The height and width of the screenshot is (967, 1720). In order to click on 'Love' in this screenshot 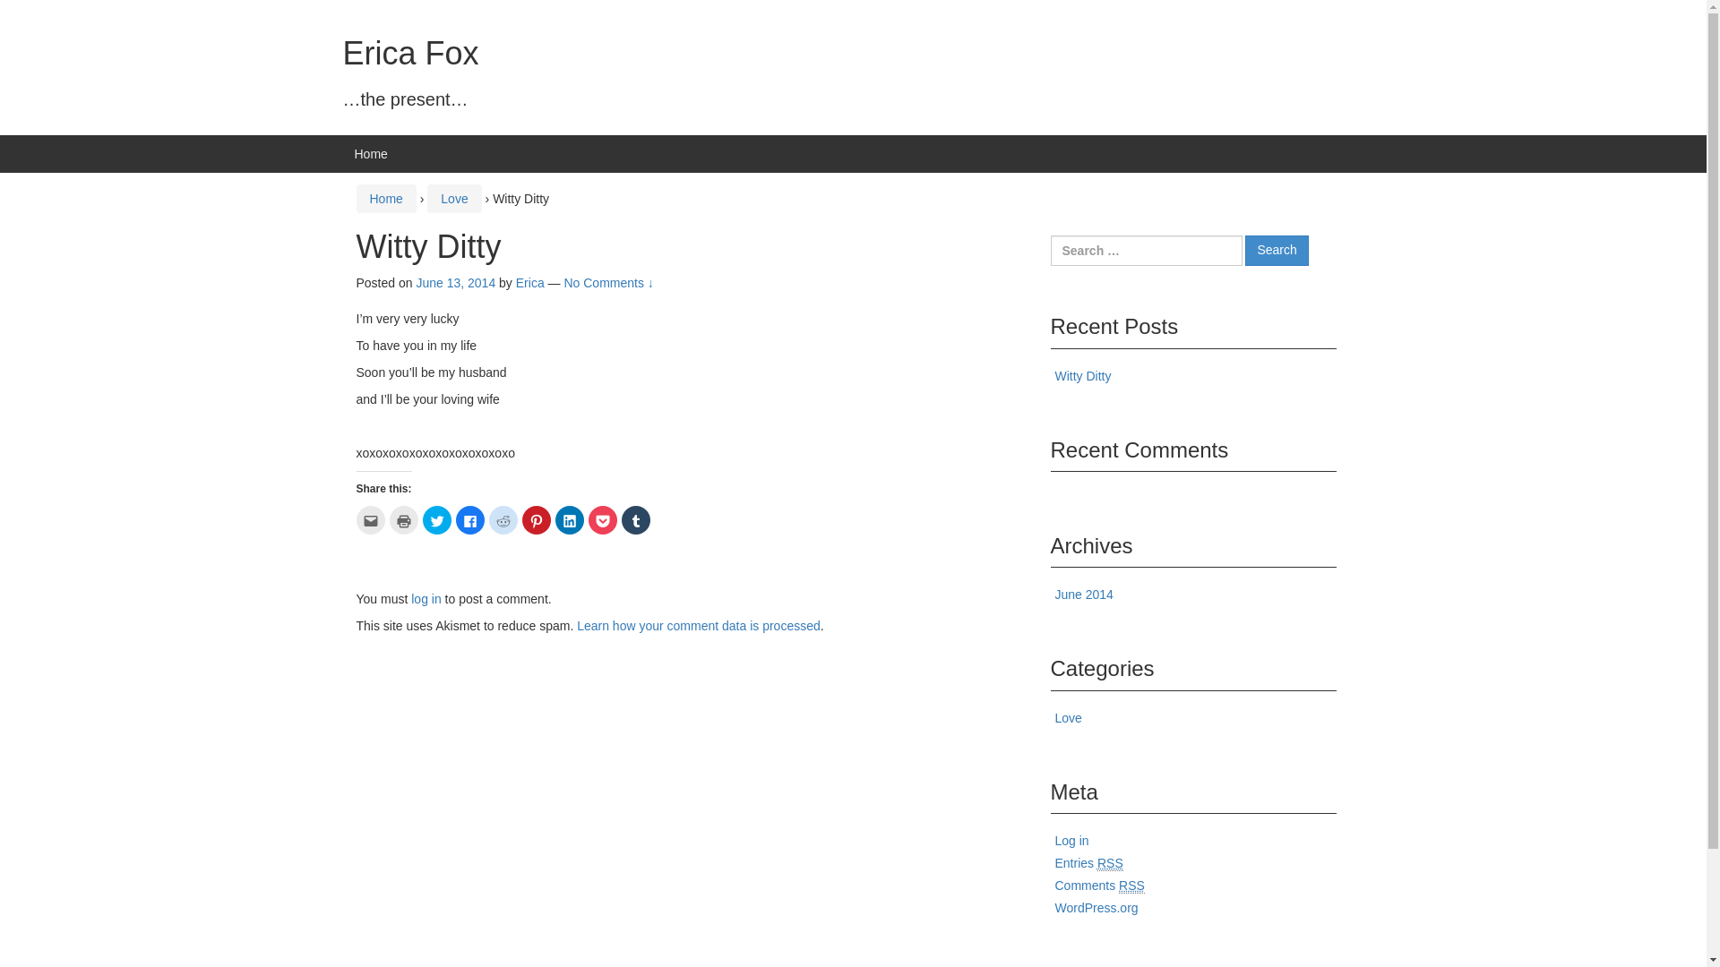, I will do `click(454, 199)`.